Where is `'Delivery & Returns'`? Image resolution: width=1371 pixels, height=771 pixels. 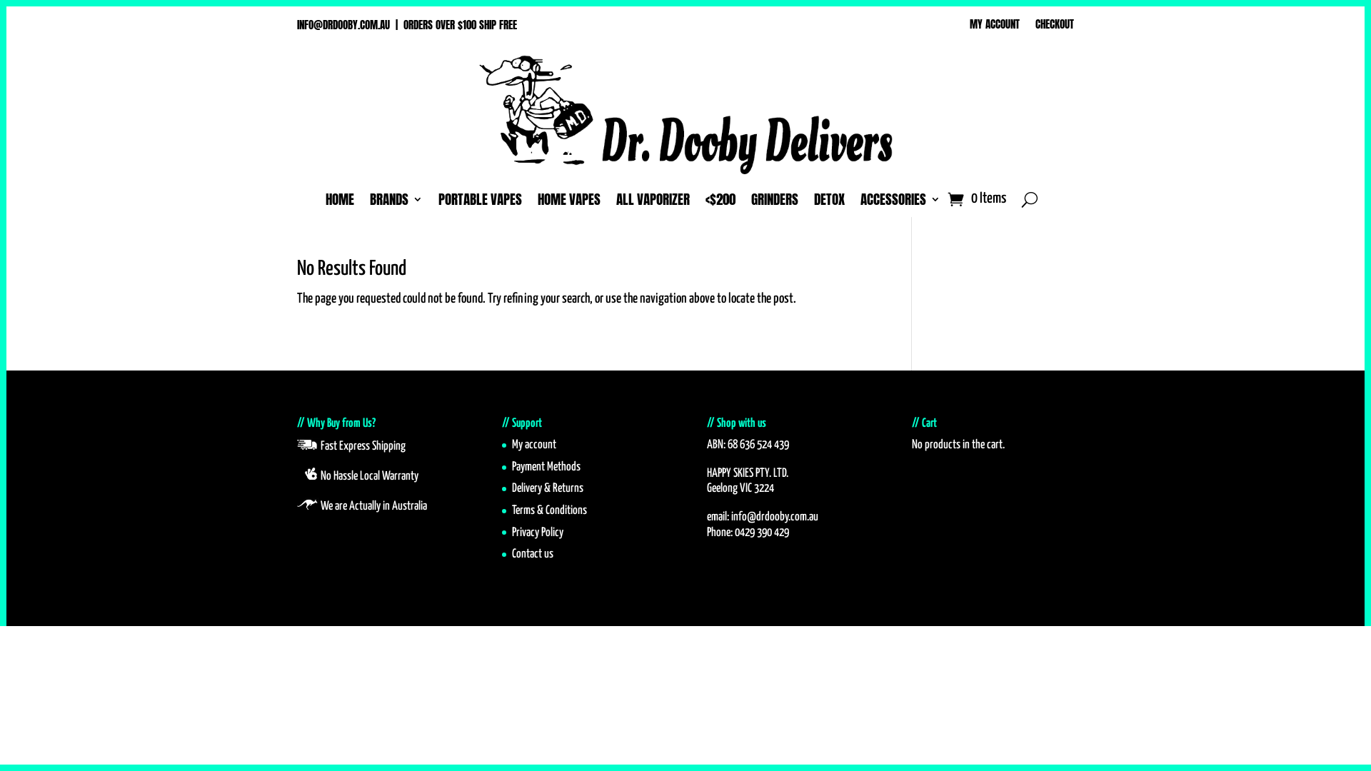 'Delivery & Returns' is located at coordinates (547, 488).